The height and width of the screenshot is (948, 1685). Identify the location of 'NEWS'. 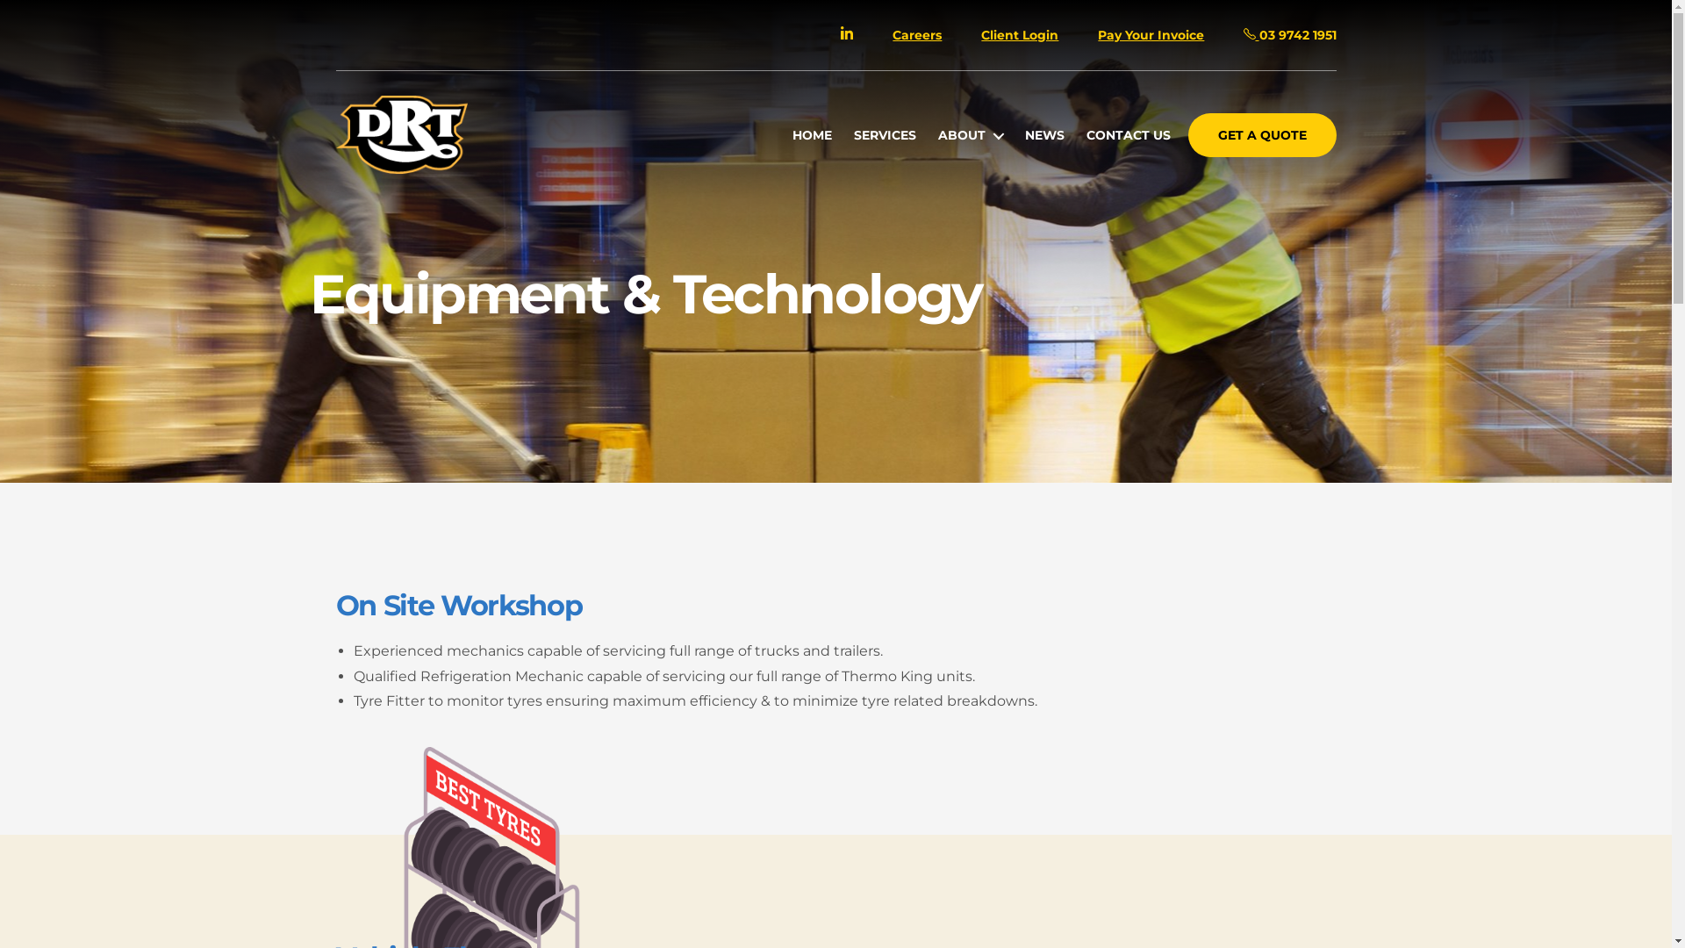
(1044, 134).